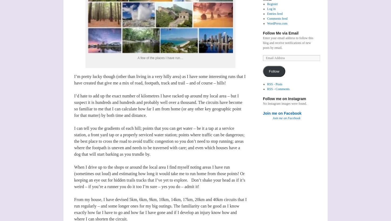  What do you see at coordinates (285, 103) in the screenshot?
I see `'No Instagram images were found.'` at bounding box center [285, 103].